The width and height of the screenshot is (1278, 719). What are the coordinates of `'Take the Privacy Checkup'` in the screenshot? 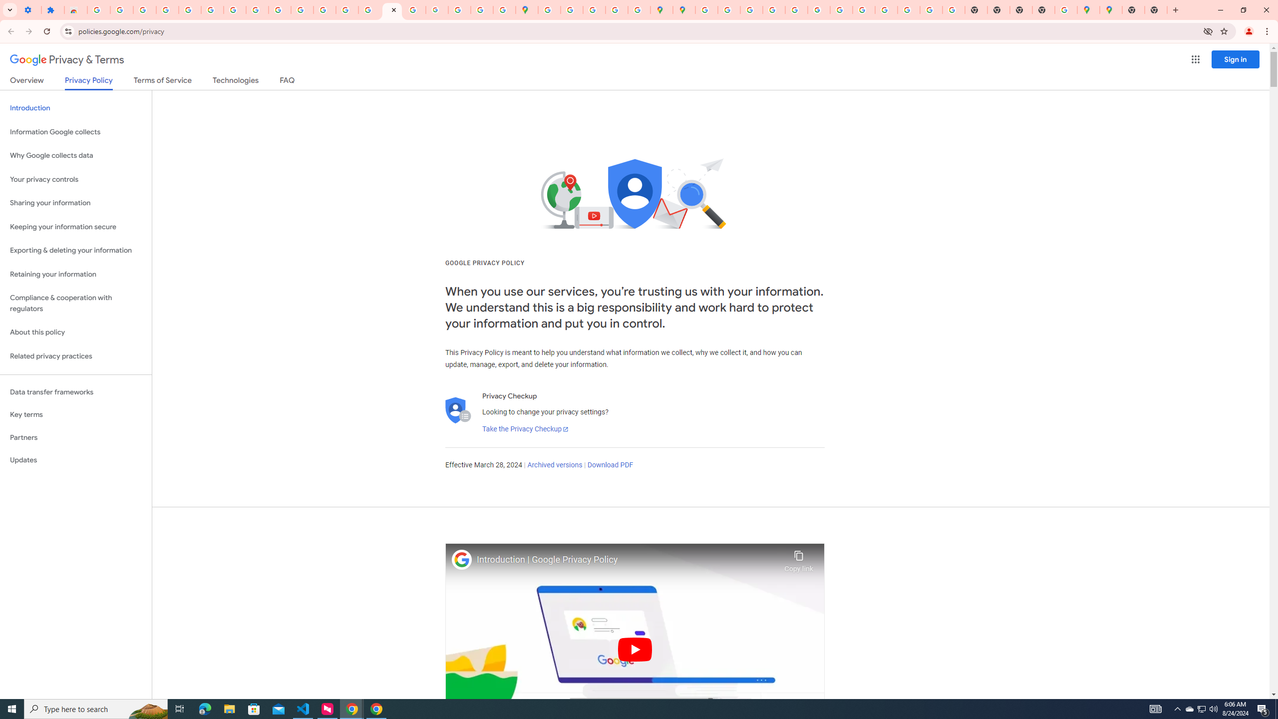 It's located at (525, 428).